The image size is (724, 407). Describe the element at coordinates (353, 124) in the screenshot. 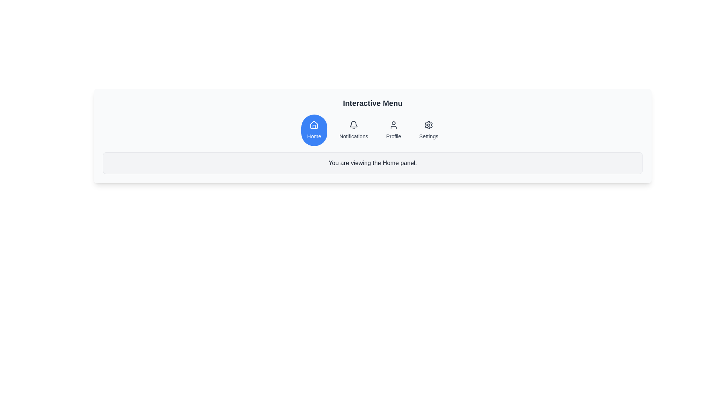

I see `the Notifications bell icon located` at that location.